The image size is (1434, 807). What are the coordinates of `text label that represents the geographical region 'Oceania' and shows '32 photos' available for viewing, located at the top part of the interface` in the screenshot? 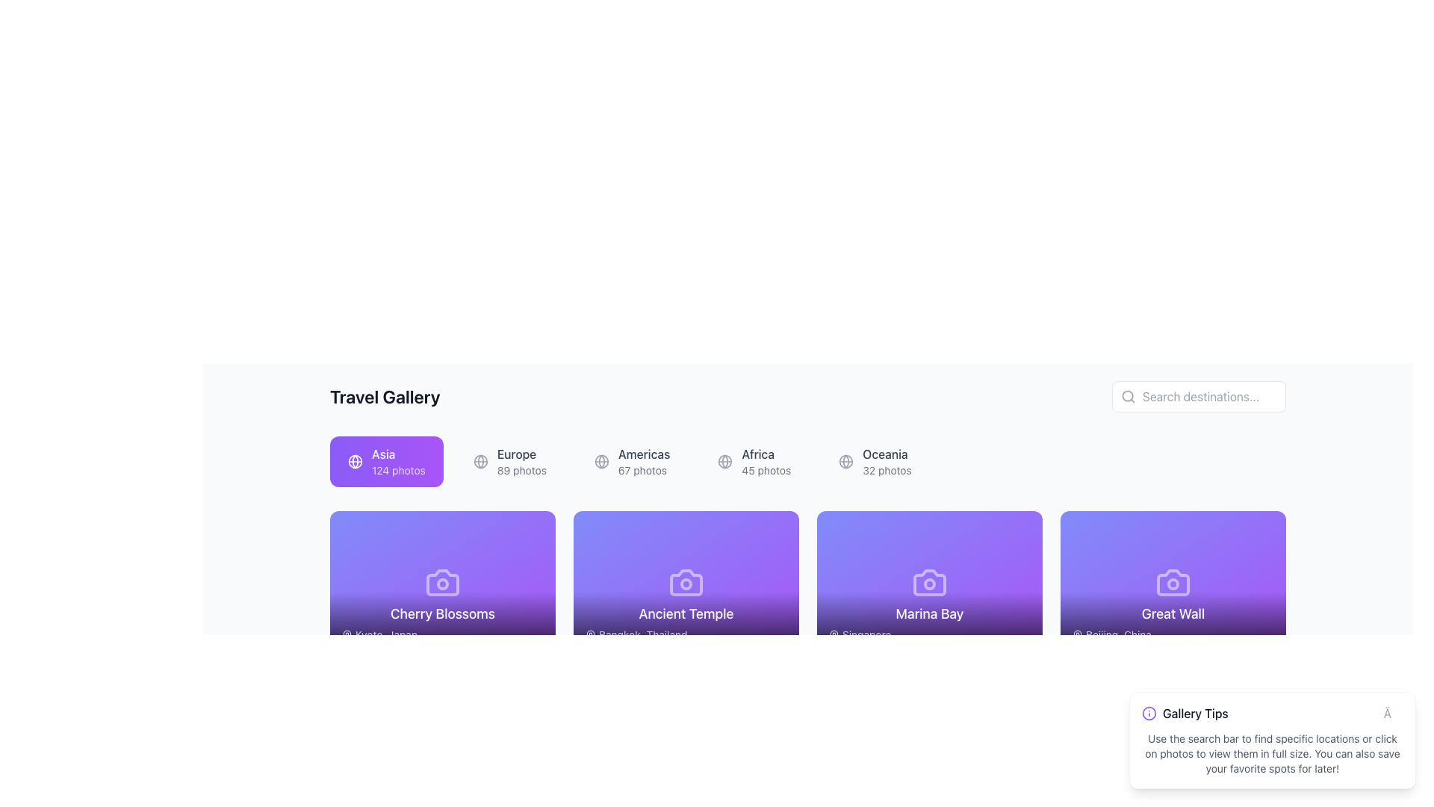 It's located at (887, 460).